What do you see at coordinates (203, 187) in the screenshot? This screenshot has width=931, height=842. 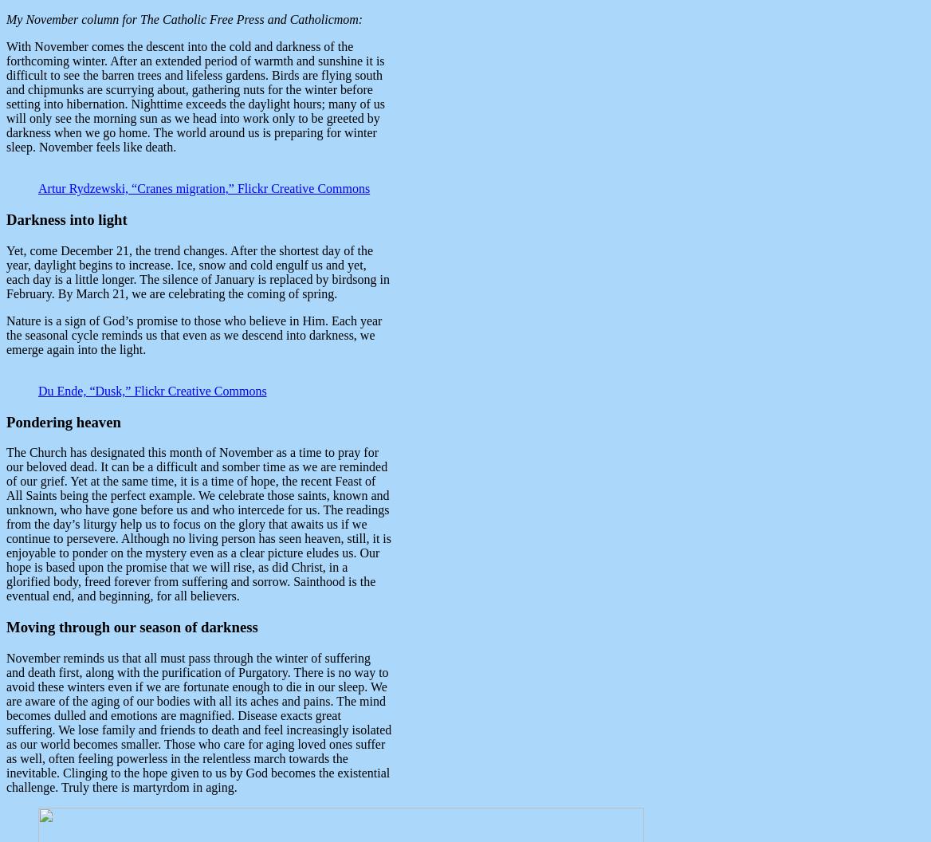 I see `'Artur Rydzewski, “Cranes migration,” Flickr Creative Commons'` at bounding box center [203, 187].